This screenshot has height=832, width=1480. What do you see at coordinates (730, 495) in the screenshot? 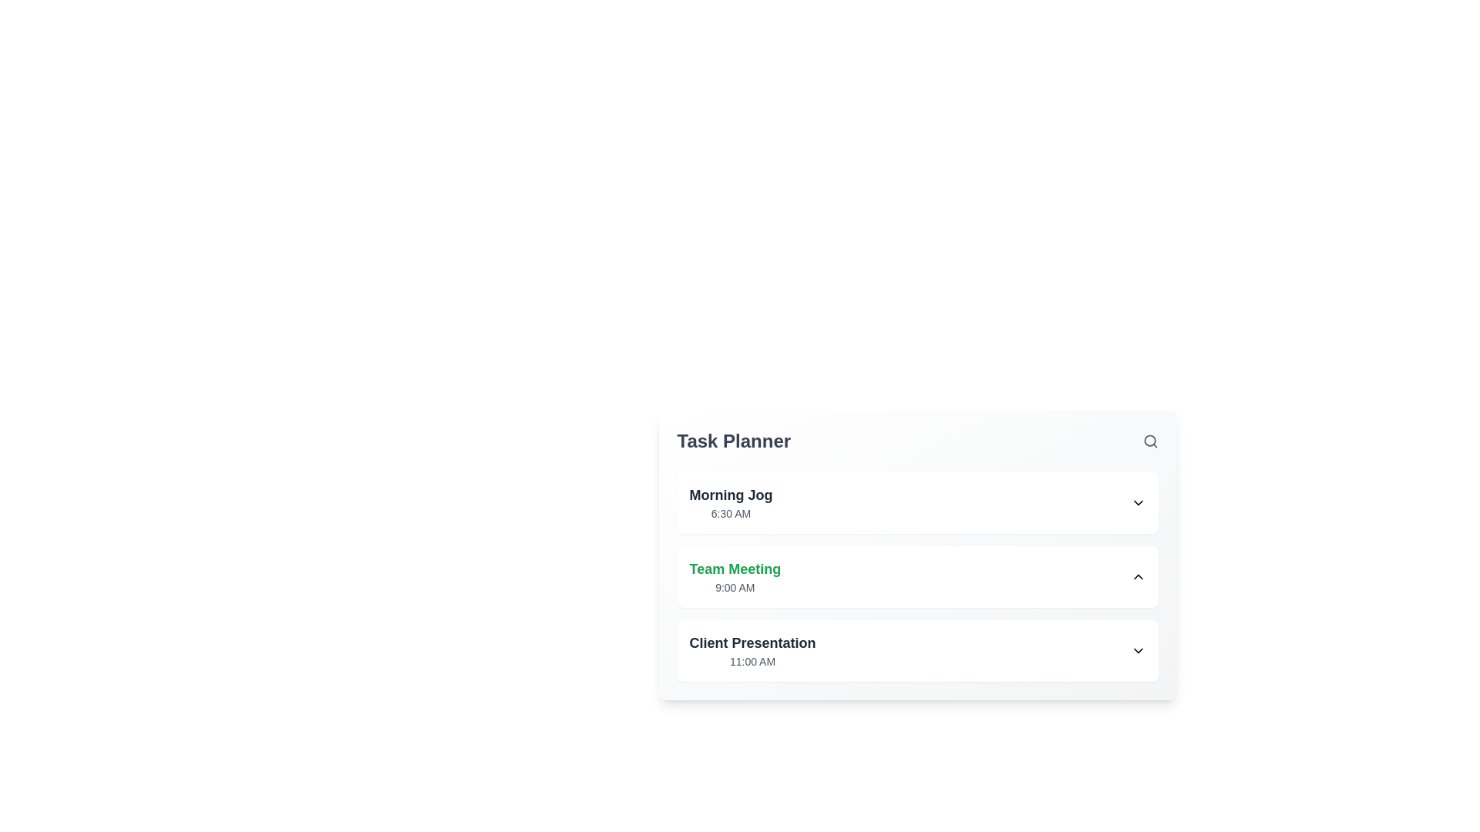
I see `the 'Morning Jog' text label located in the 'Task Planner' section, which is styled in bold with a dark gray color and positioned above '6:30 AM'` at bounding box center [730, 495].